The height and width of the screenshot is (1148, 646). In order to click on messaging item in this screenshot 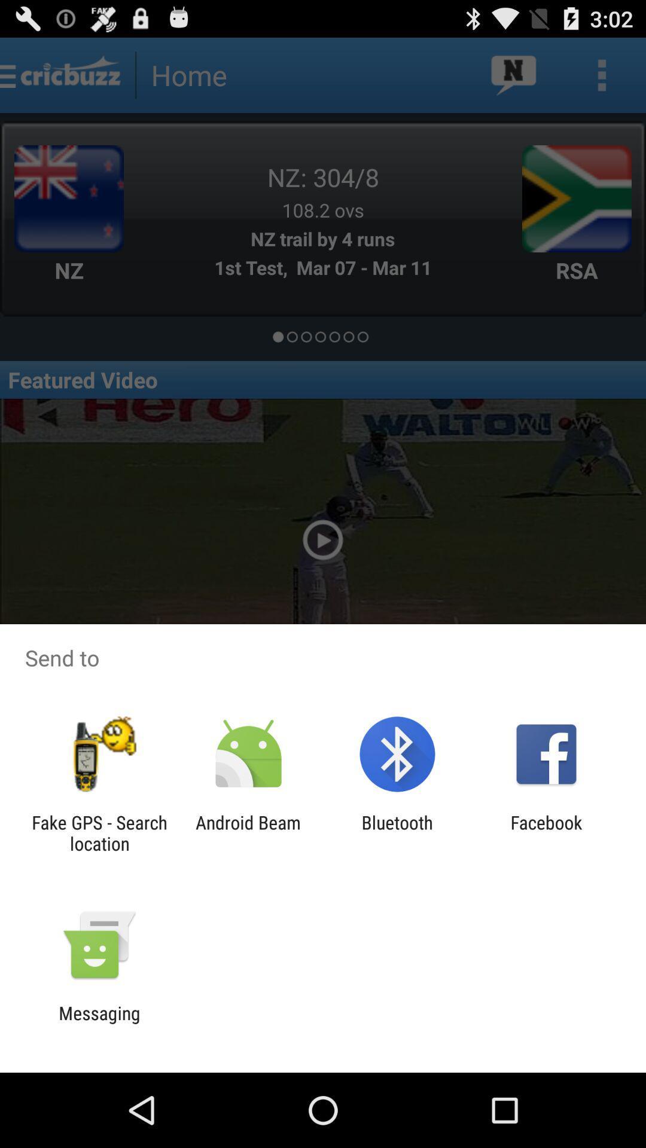, I will do `click(99, 1023)`.